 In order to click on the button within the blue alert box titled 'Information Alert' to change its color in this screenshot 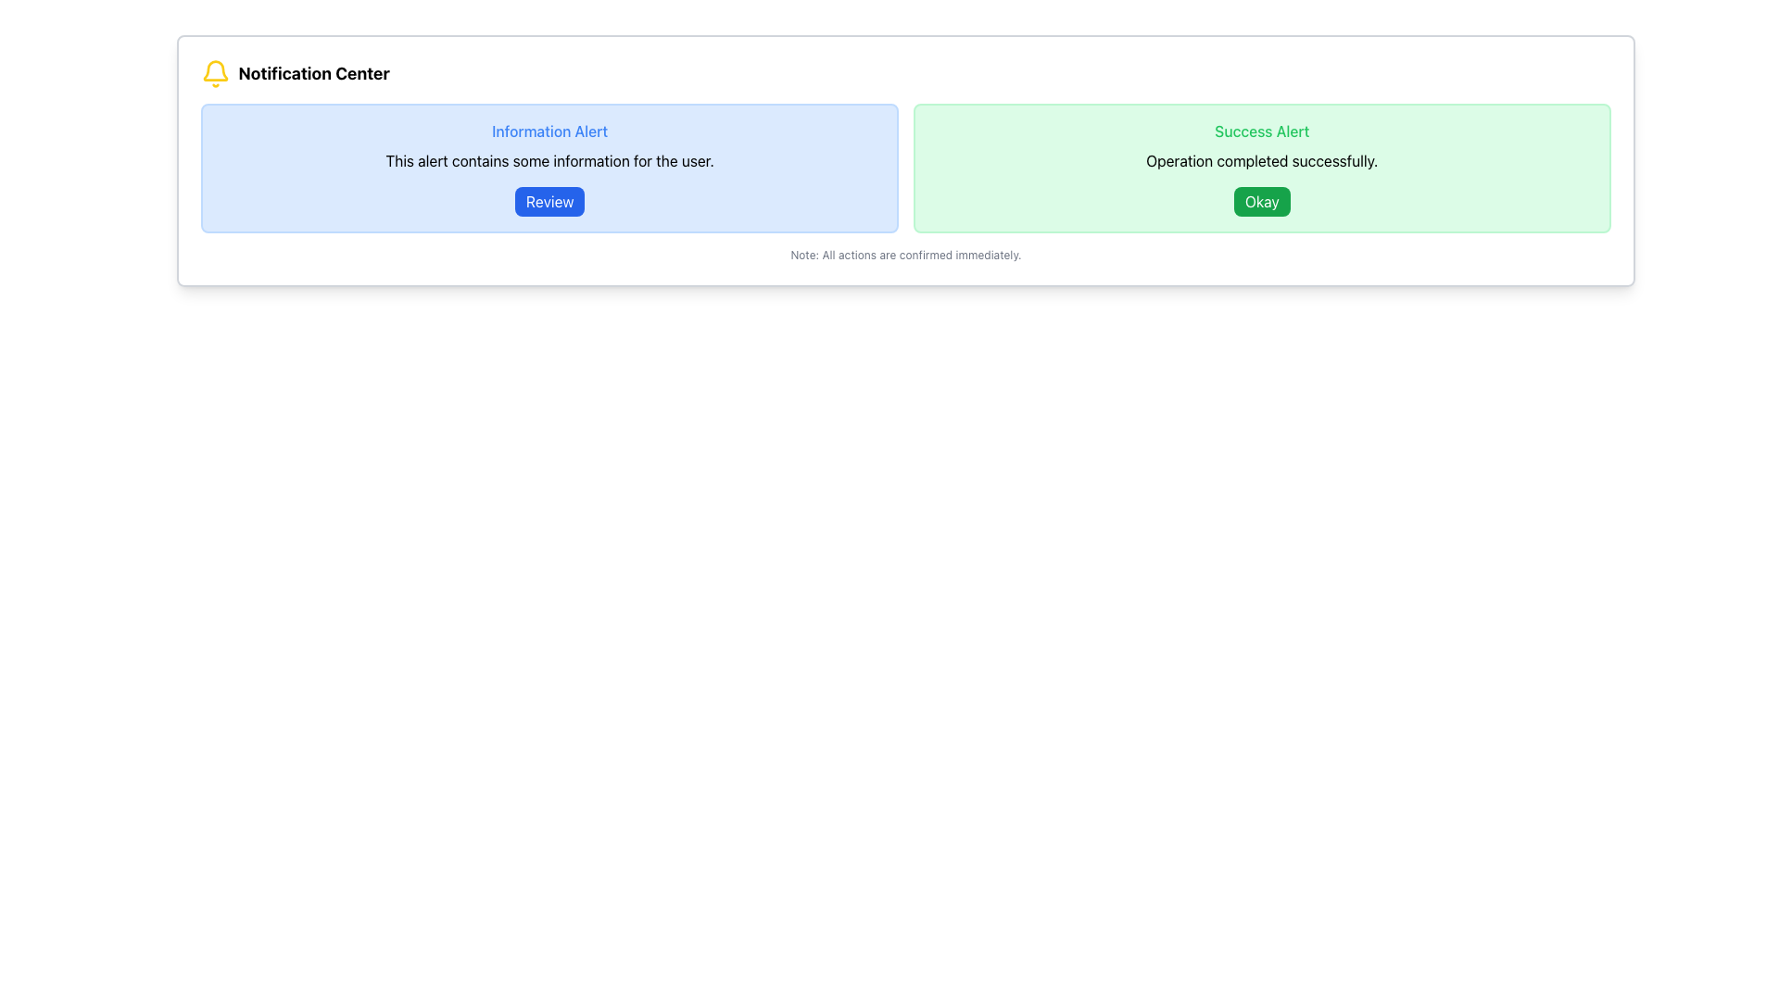, I will do `click(549, 202)`.